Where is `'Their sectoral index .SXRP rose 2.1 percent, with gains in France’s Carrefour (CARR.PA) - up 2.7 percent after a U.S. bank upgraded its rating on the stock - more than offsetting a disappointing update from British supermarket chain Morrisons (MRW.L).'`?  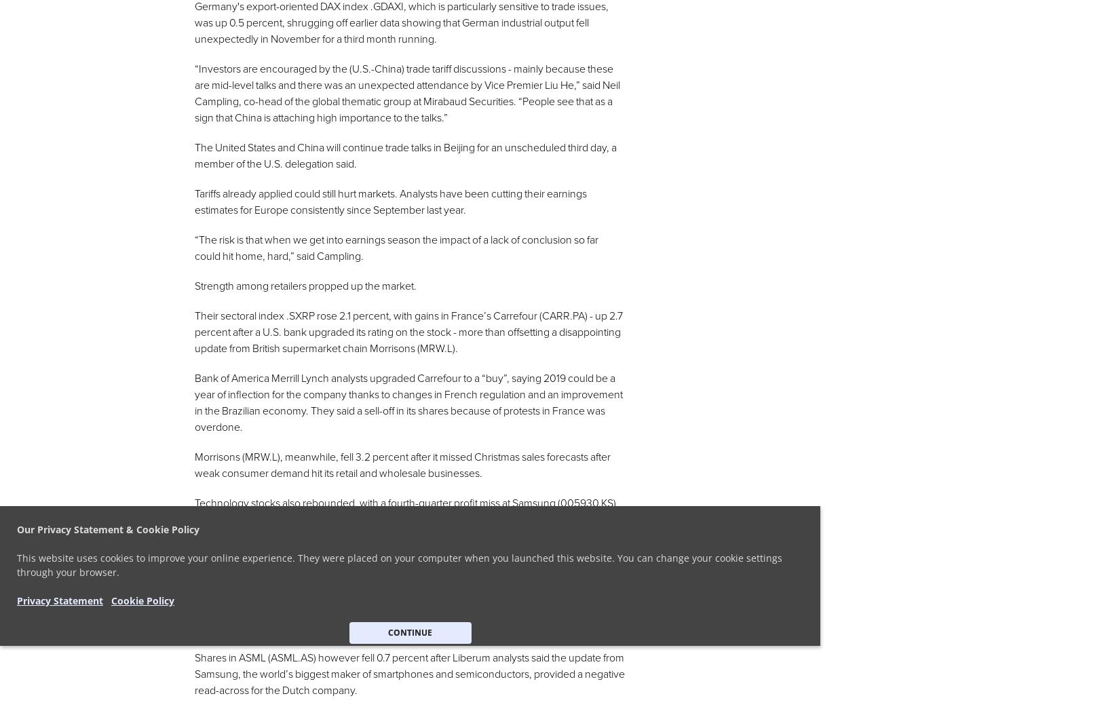
'Their sectoral index .SXRP rose 2.1 percent, with gains in France’s Carrefour (CARR.PA) - up 2.7 percent after a U.S. bank upgraded its rating on the stock - more than offsetting a disappointing update from British supermarket chain Morrisons (MRW.L).' is located at coordinates (408, 332).